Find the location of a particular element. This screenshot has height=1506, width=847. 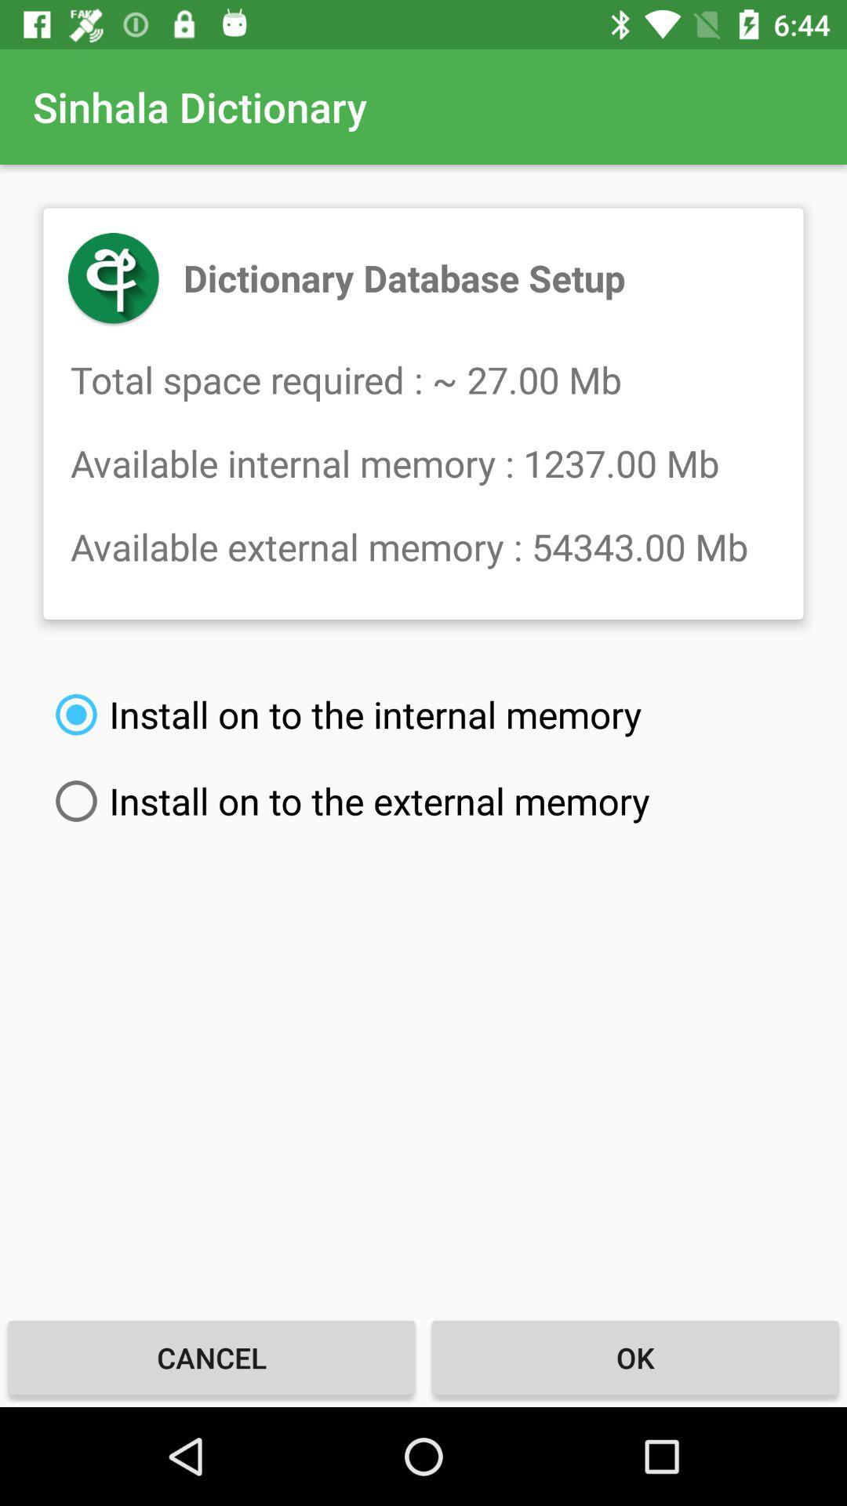

the ok item is located at coordinates (635, 1357).